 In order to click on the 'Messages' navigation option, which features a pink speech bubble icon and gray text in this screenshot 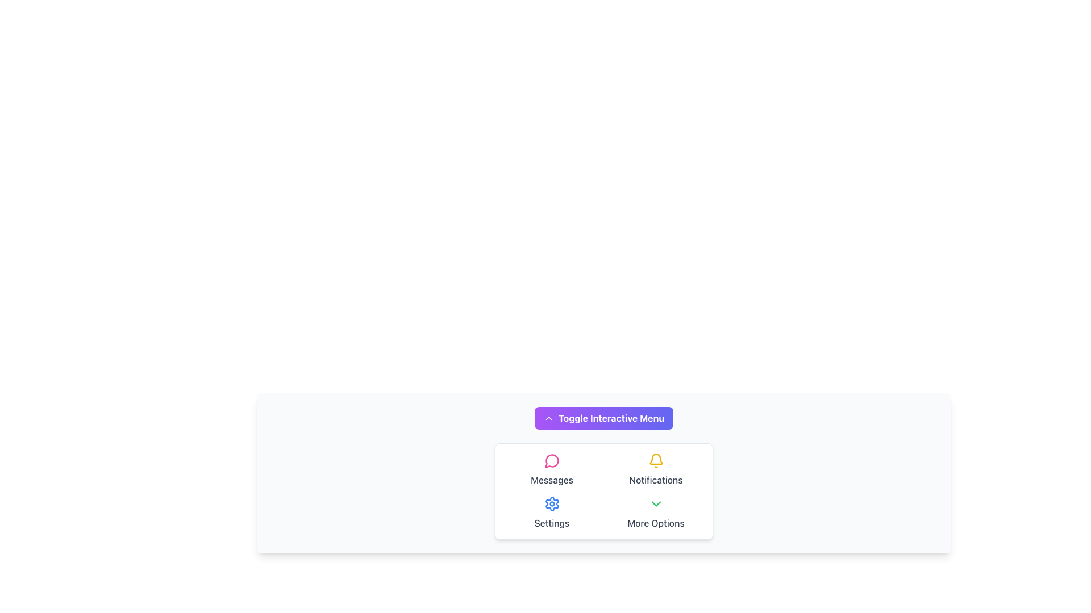, I will do `click(552, 470)`.